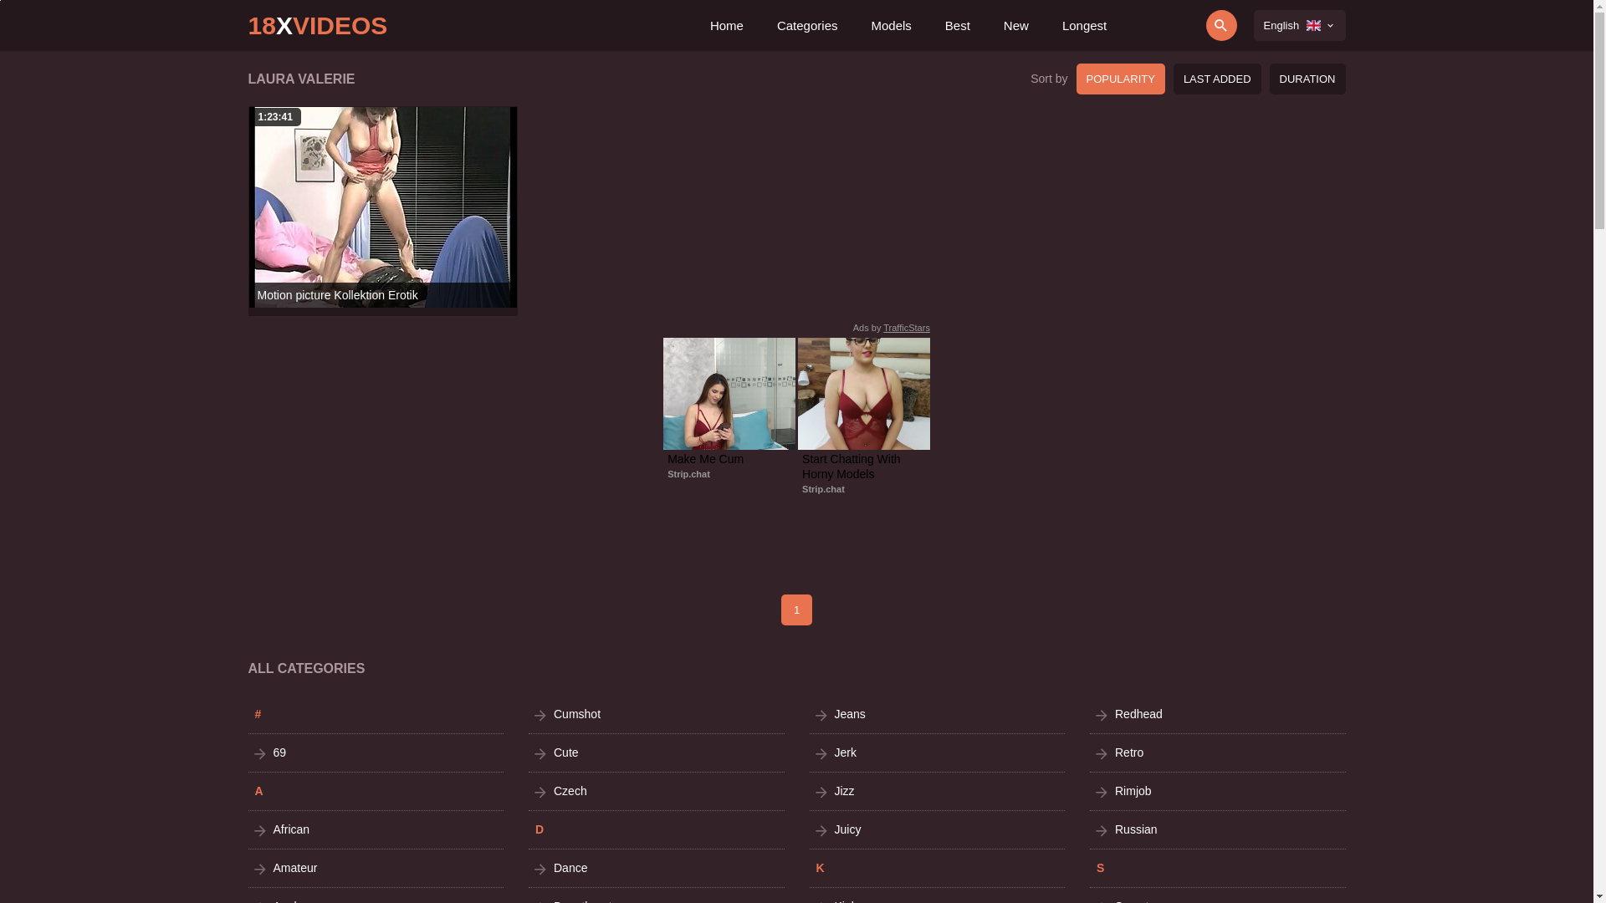 This screenshot has height=903, width=1606. I want to click on 'Jeans', so click(938, 714).